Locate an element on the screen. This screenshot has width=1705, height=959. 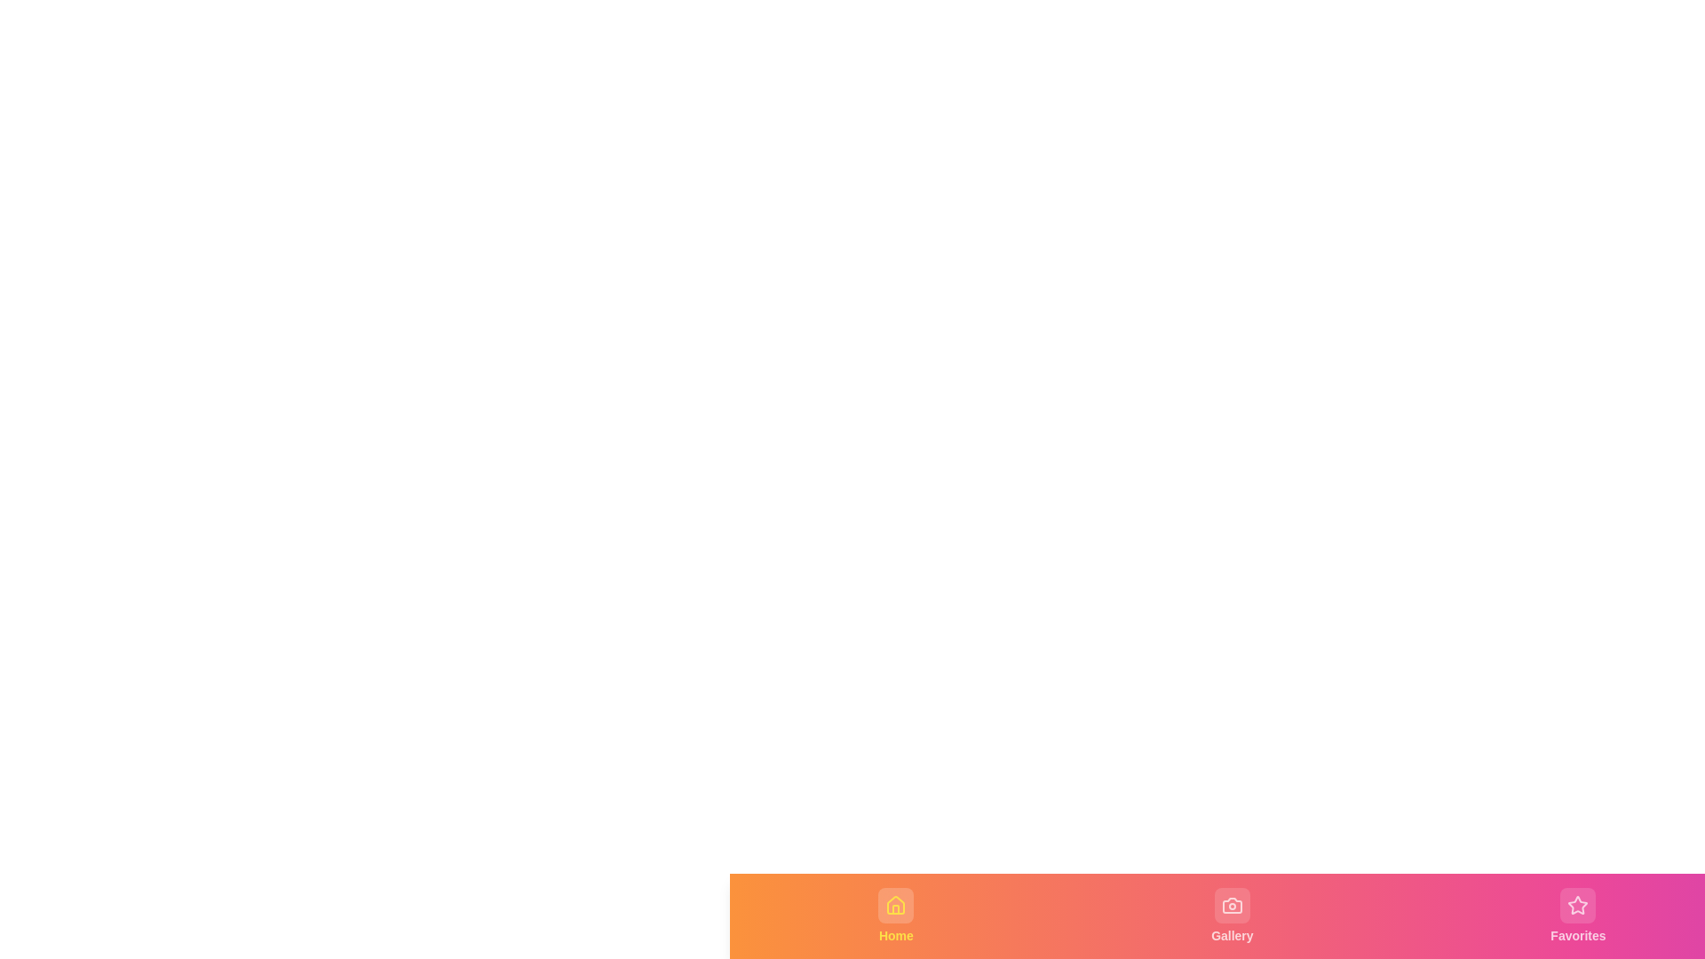
the Gallery tab to observe the visual feedback is located at coordinates (1231, 916).